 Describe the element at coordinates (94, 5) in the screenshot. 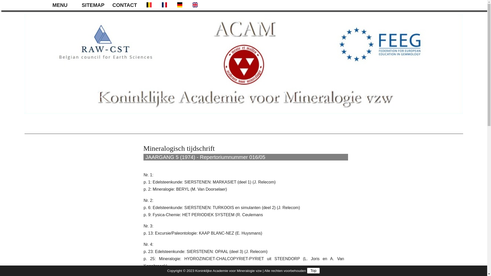

I see `'SITEMAP'` at that location.